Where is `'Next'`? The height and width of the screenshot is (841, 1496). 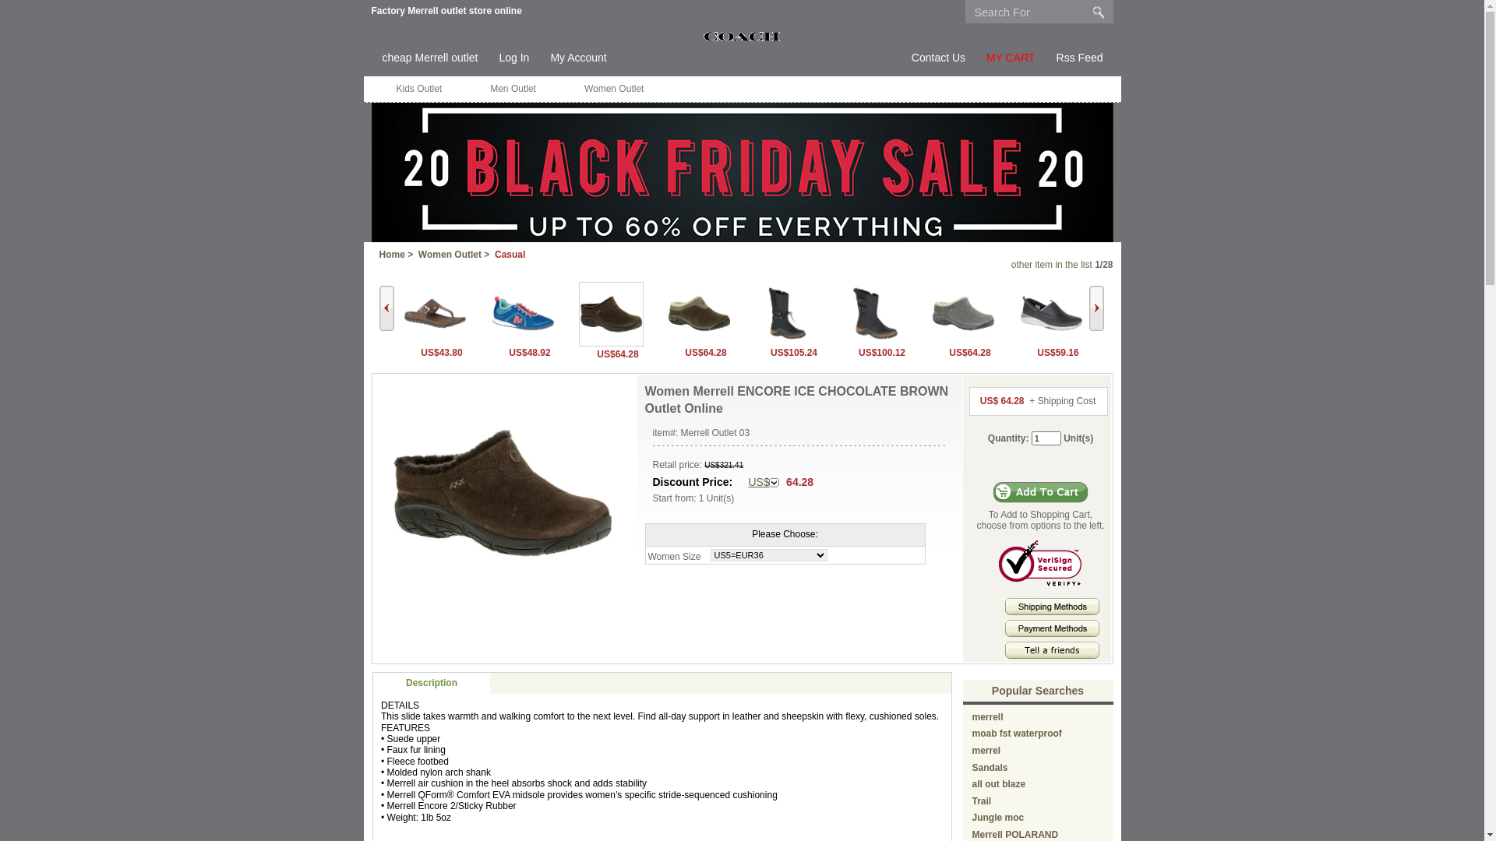 'Next' is located at coordinates (1088, 308).